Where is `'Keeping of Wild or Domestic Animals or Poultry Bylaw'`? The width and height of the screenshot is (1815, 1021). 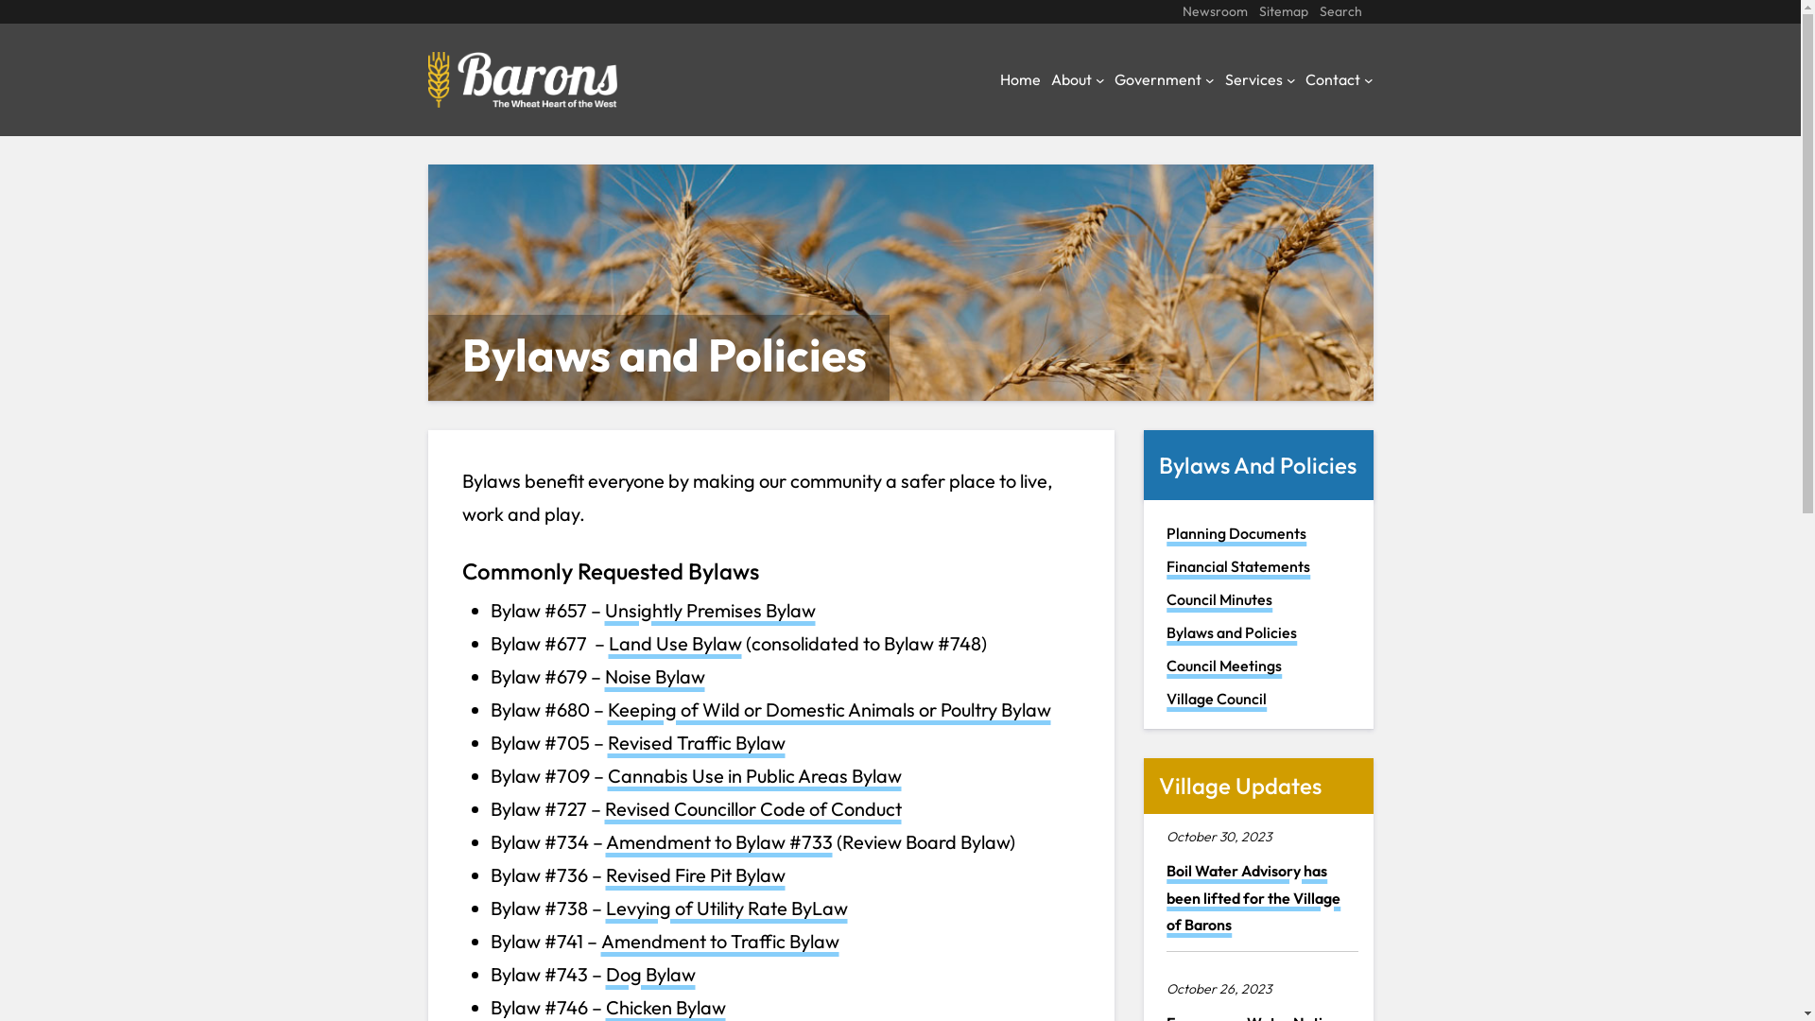 'Keeping of Wild or Domestic Animals or Poultry Bylaw' is located at coordinates (828, 709).